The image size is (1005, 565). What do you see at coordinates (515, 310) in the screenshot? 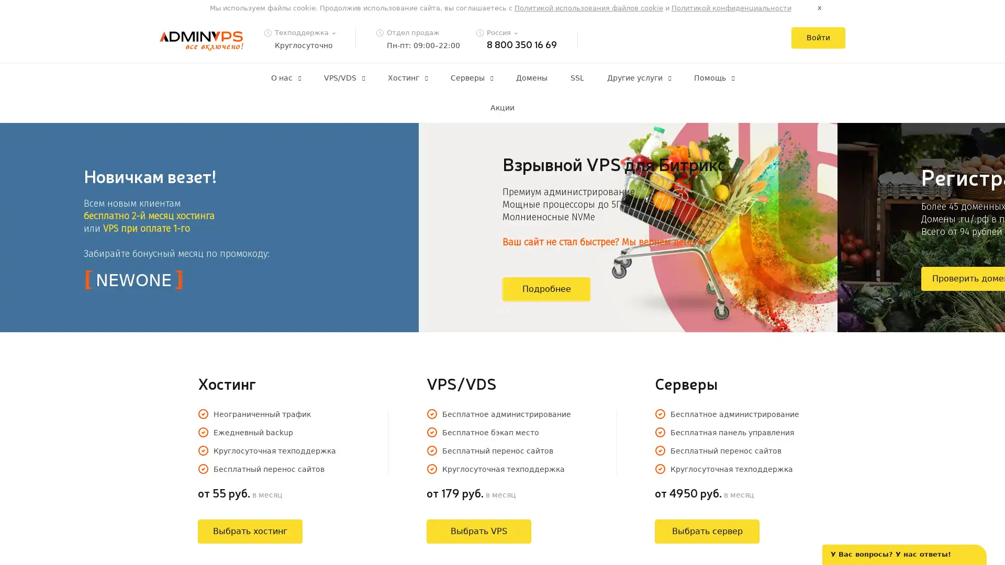
I see `5` at bounding box center [515, 310].